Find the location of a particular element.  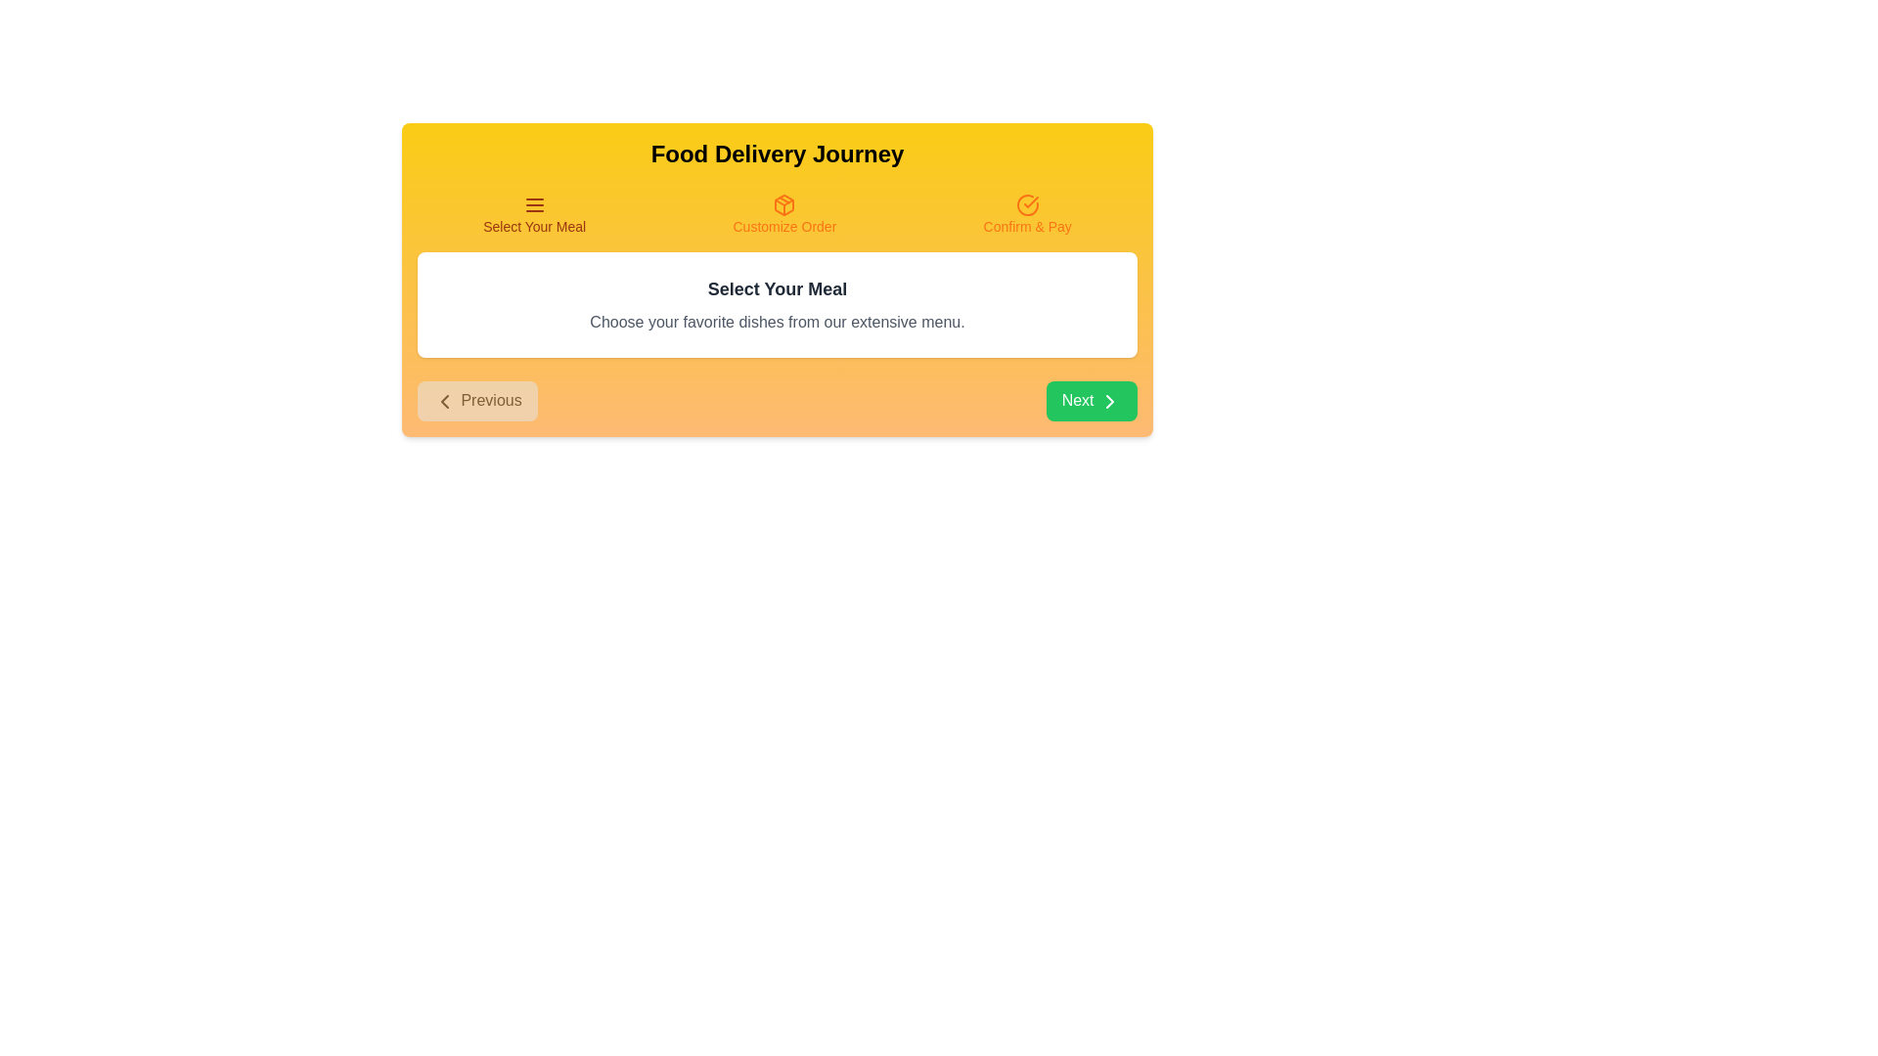

the yellow-orange hexagonal icon located in the top-center of the interface, above the 'Customize Order' text is located at coordinates (784, 204).